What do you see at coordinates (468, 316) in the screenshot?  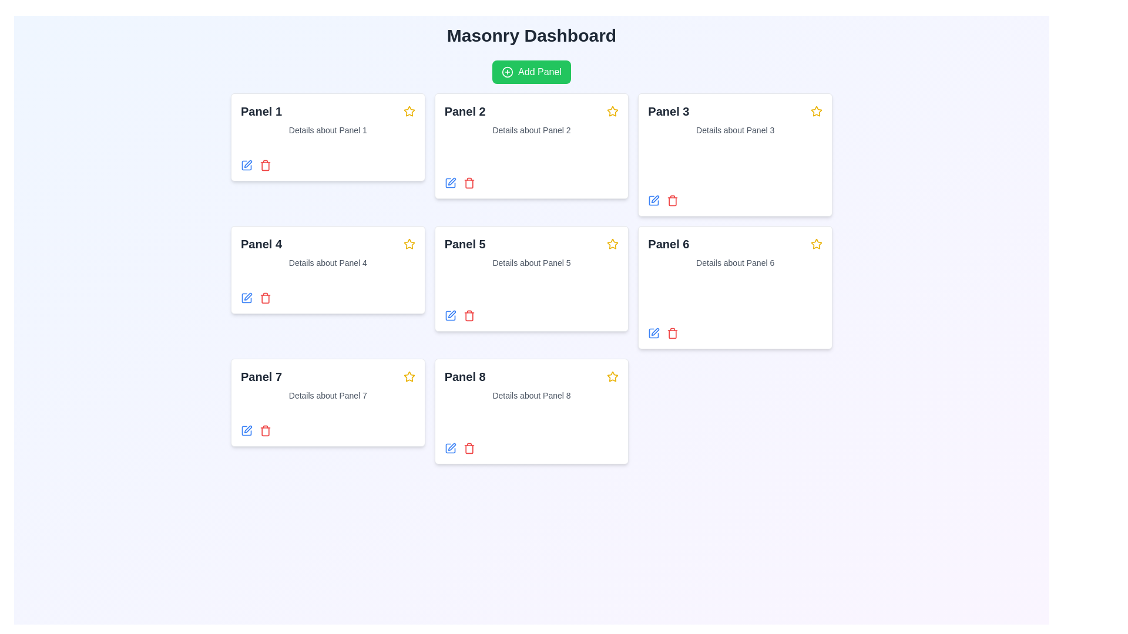 I see `the middle part of the trash can icon in 'Panel 5'` at bounding box center [468, 316].